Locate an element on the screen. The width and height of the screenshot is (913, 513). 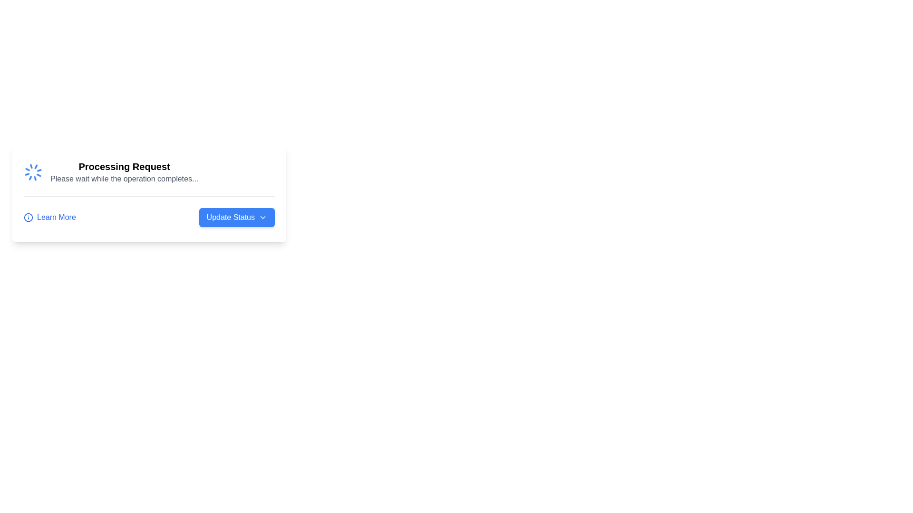
the animated blue loader icon that resembles a rotating spinner, located to the left of the 'Processing Request' text is located at coordinates (33, 172).